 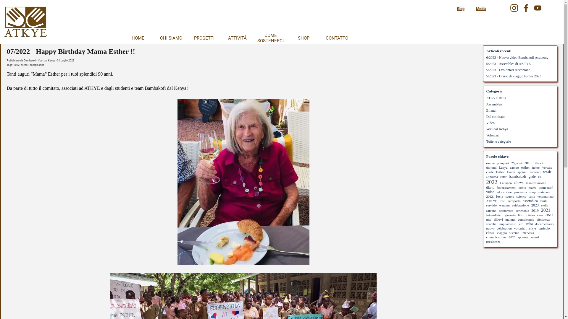 What do you see at coordinates (535, 237) in the screenshot?
I see `'auguri'` at bounding box center [535, 237].